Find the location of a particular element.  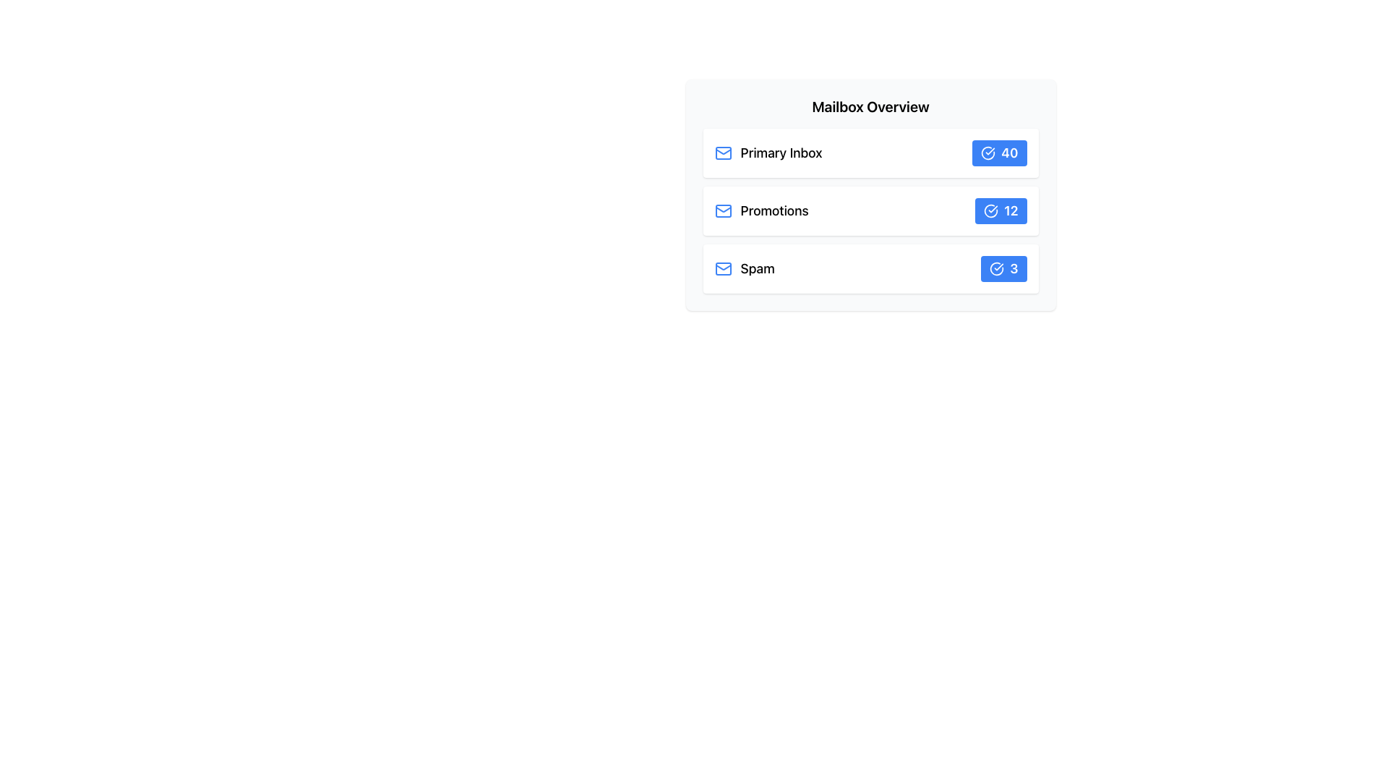

the mail envelope icon (SVG) located to the left of the 'Promotions' label is located at coordinates (723, 211).